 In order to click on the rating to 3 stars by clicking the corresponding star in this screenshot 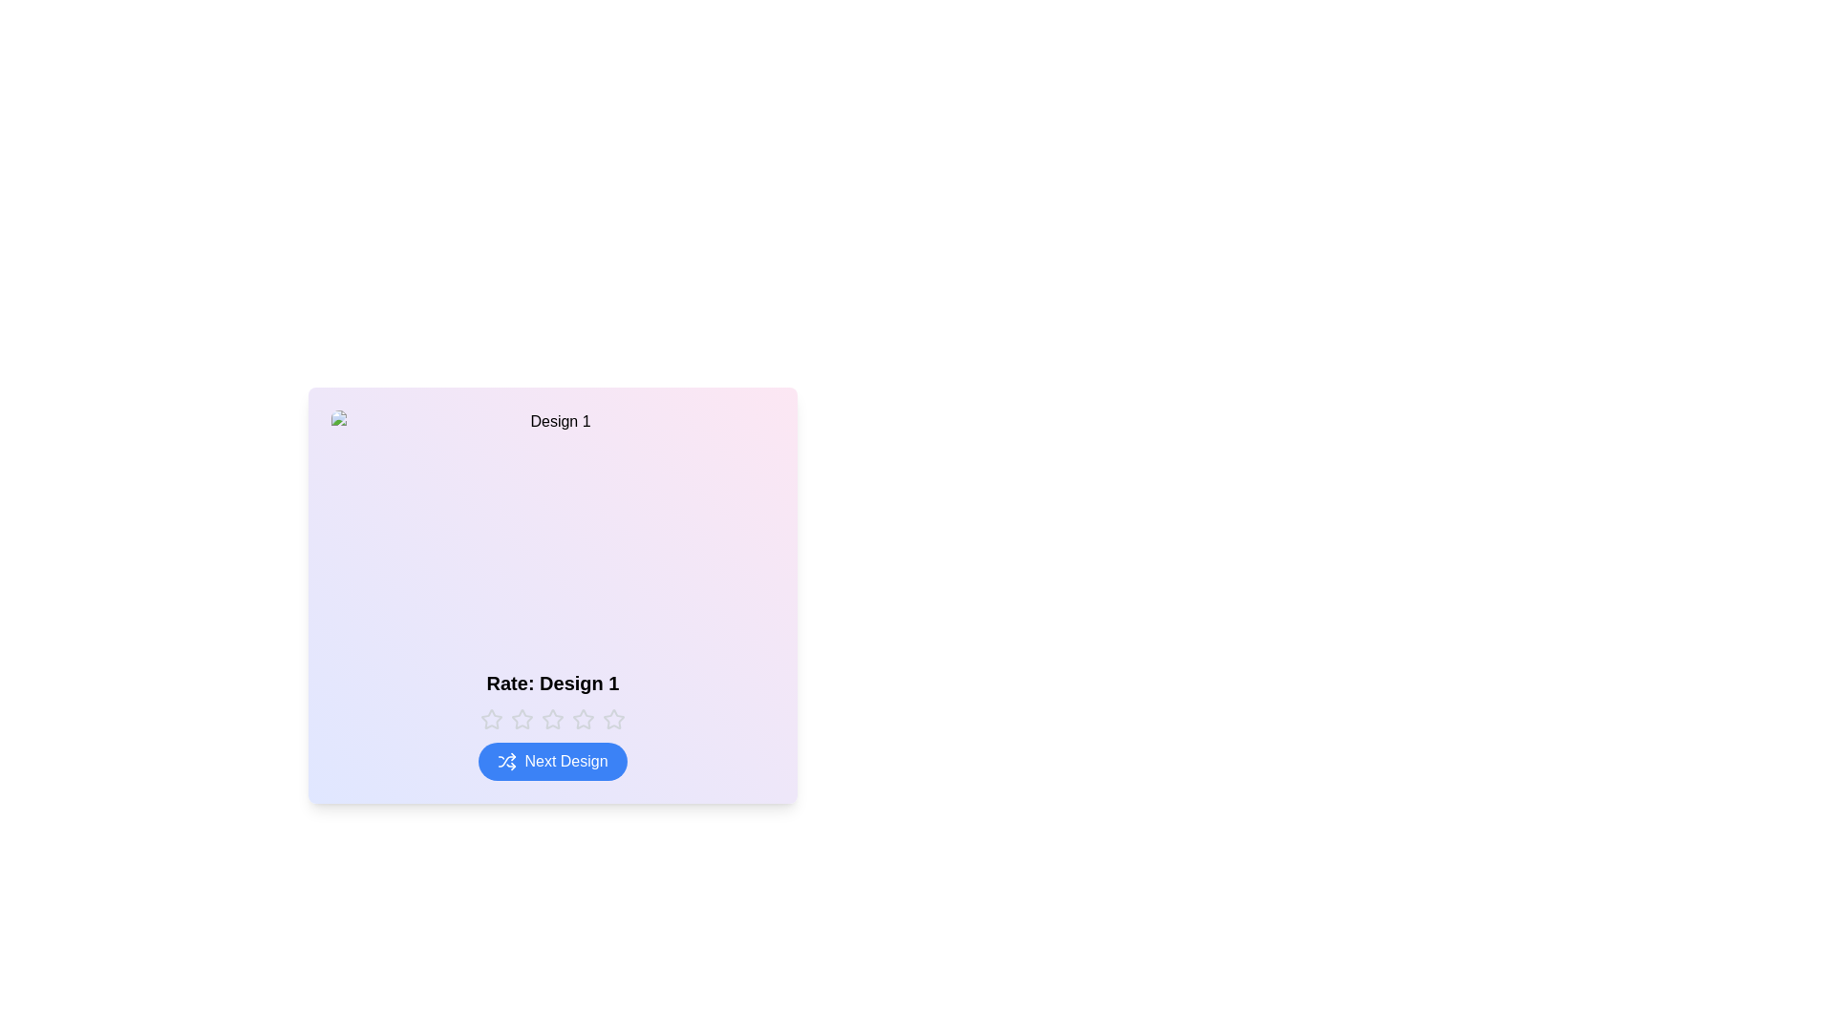, I will do `click(552, 719)`.